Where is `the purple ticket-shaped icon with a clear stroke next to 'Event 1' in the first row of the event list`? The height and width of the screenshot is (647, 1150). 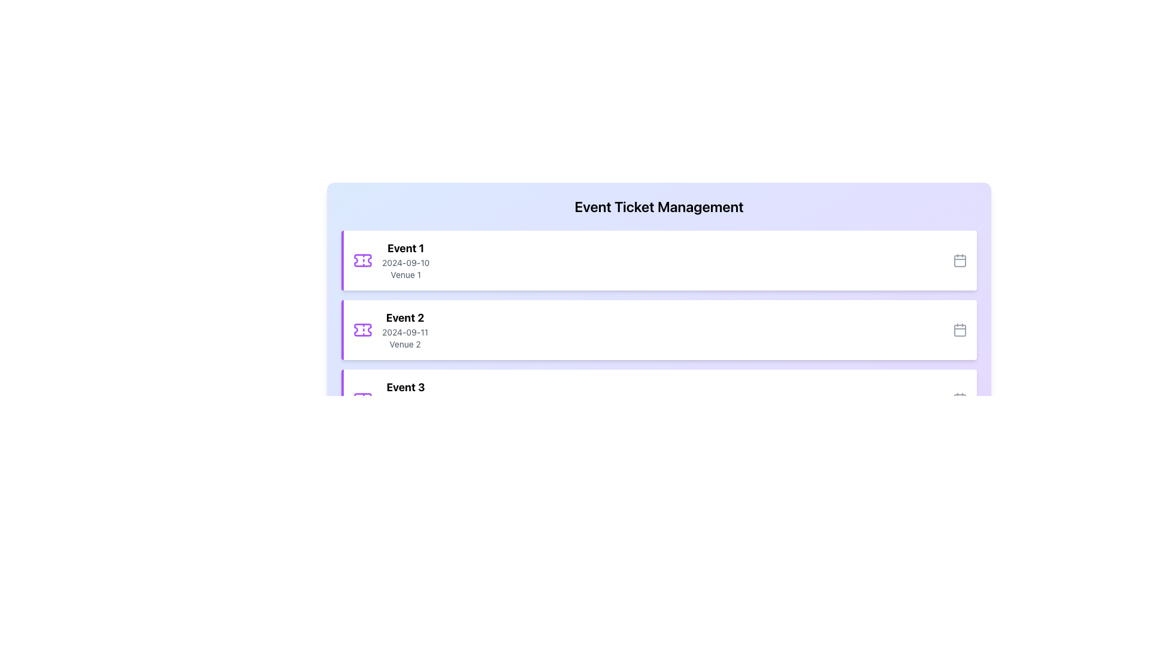 the purple ticket-shaped icon with a clear stroke next to 'Event 1' in the first row of the event list is located at coordinates (362, 260).